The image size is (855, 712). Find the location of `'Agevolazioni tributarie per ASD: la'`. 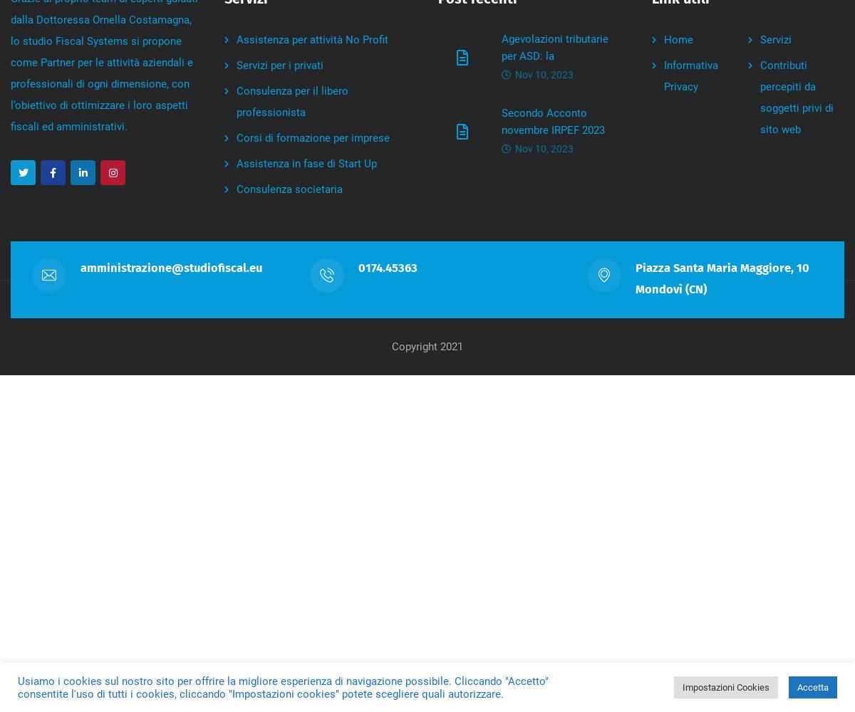

'Agevolazioni tributarie per ASD: la' is located at coordinates (554, 47).